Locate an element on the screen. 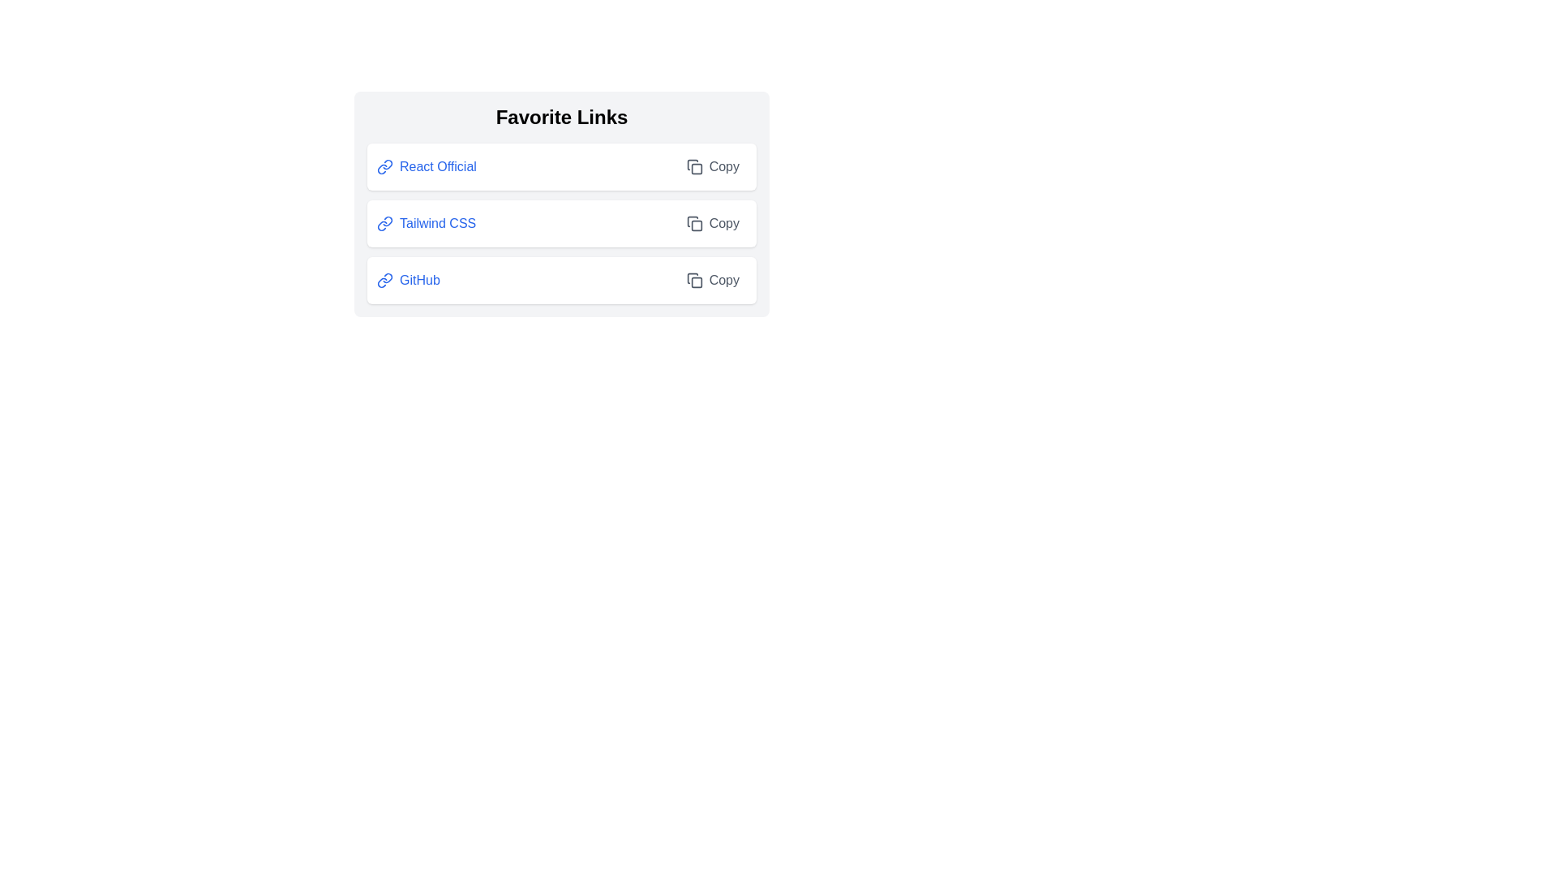  the text label 'Copy' which is styled in gray and indicates copy functionality, positioned inline with an icon of two overlapping squares in the 'Favorite Links' list is located at coordinates (723, 166).